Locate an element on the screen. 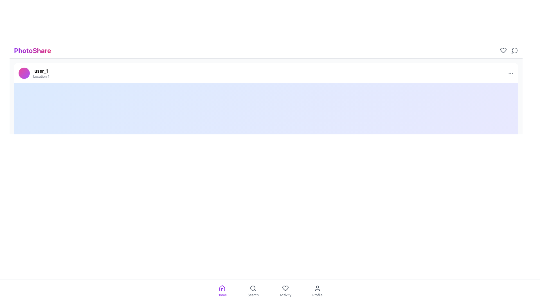 This screenshot has height=303, width=540. the 'Activity' text label located at the bottom center of the navigation bar to read or access its context is located at coordinates (285, 295).